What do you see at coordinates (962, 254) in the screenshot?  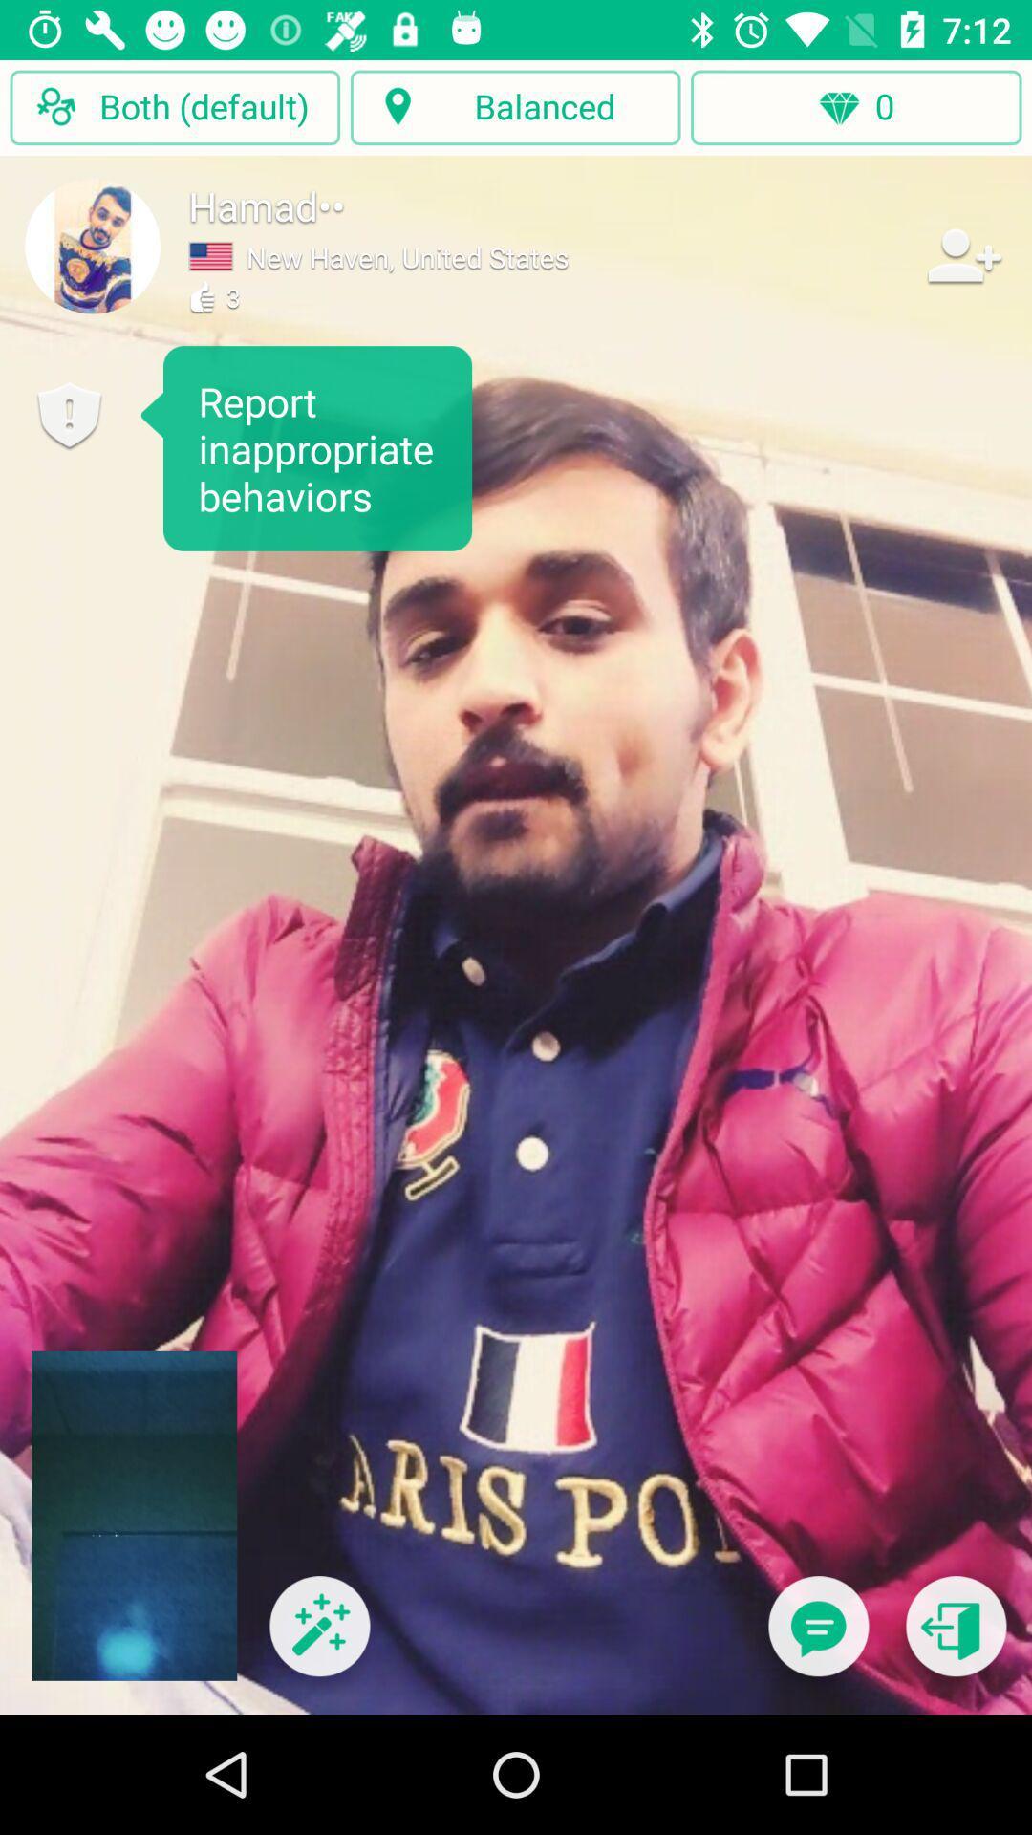 I see `item to the right of new haven united item` at bounding box center [962, 254].